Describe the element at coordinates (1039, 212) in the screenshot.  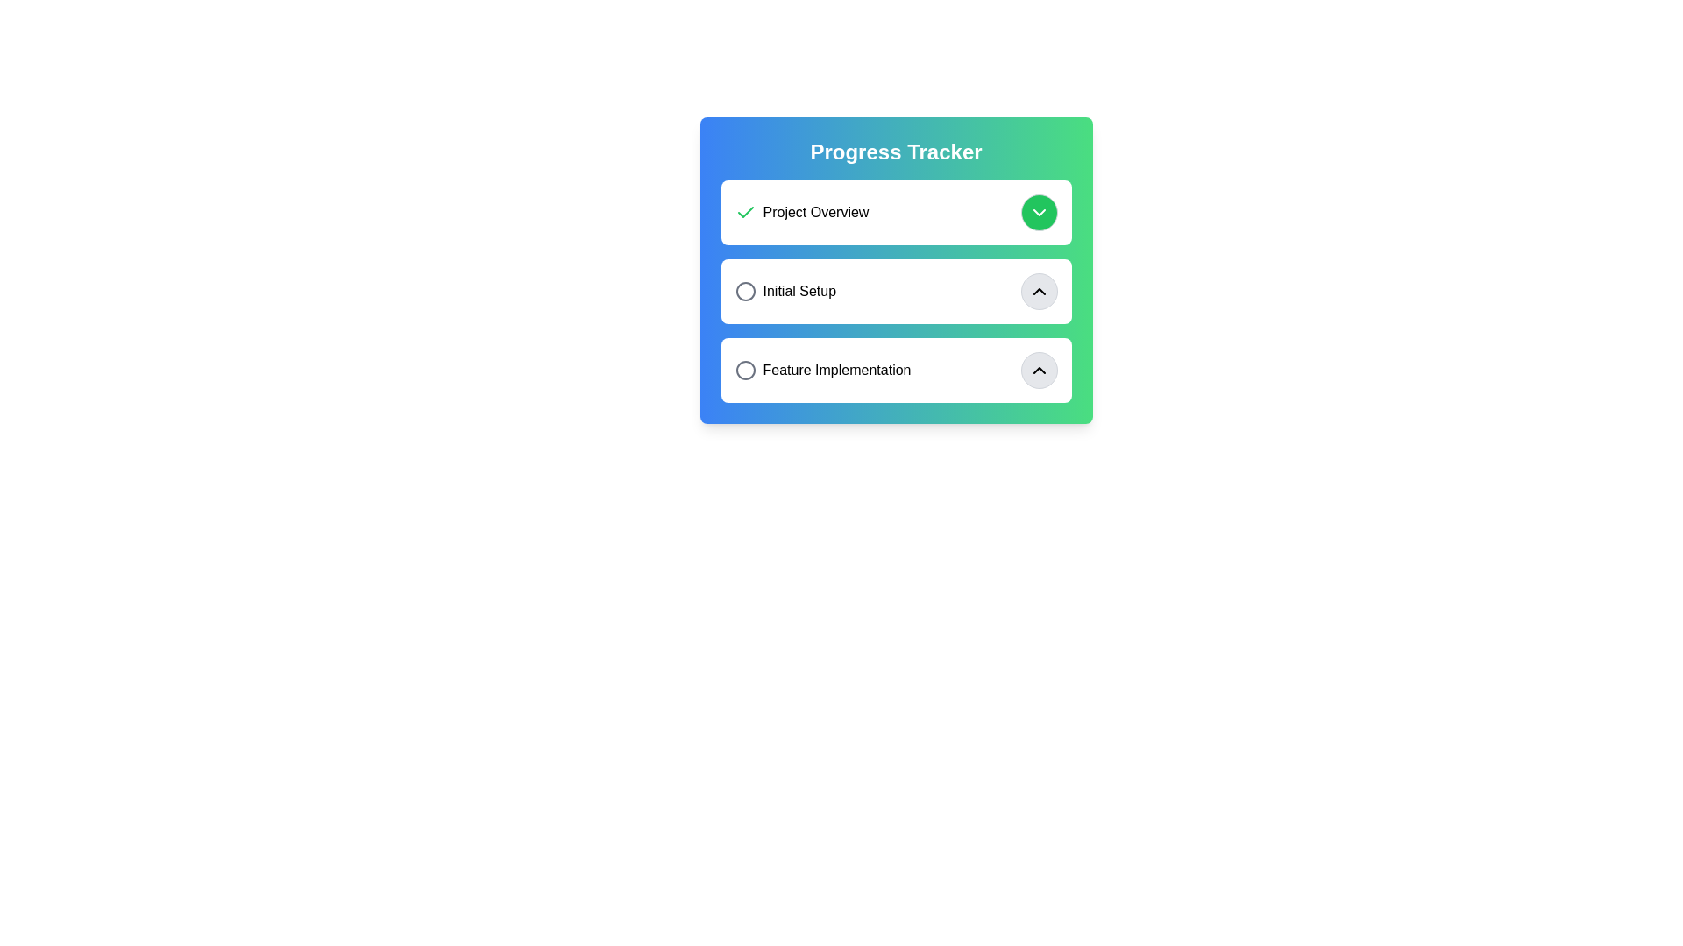
I see `the dropdown toggle button located on the right side of the 'Project Overview' section in the progress tracker interface` at that location.